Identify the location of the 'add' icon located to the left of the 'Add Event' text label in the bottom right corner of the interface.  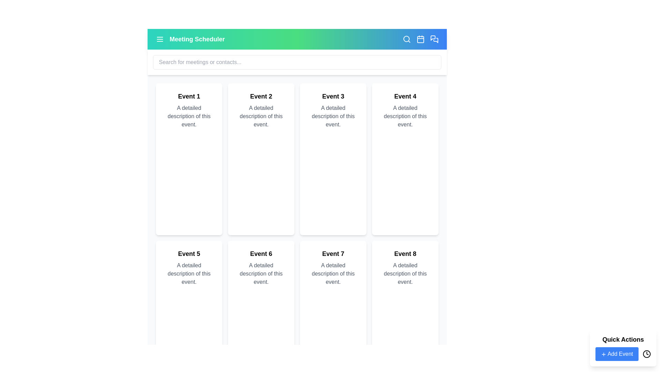
(603, 354).